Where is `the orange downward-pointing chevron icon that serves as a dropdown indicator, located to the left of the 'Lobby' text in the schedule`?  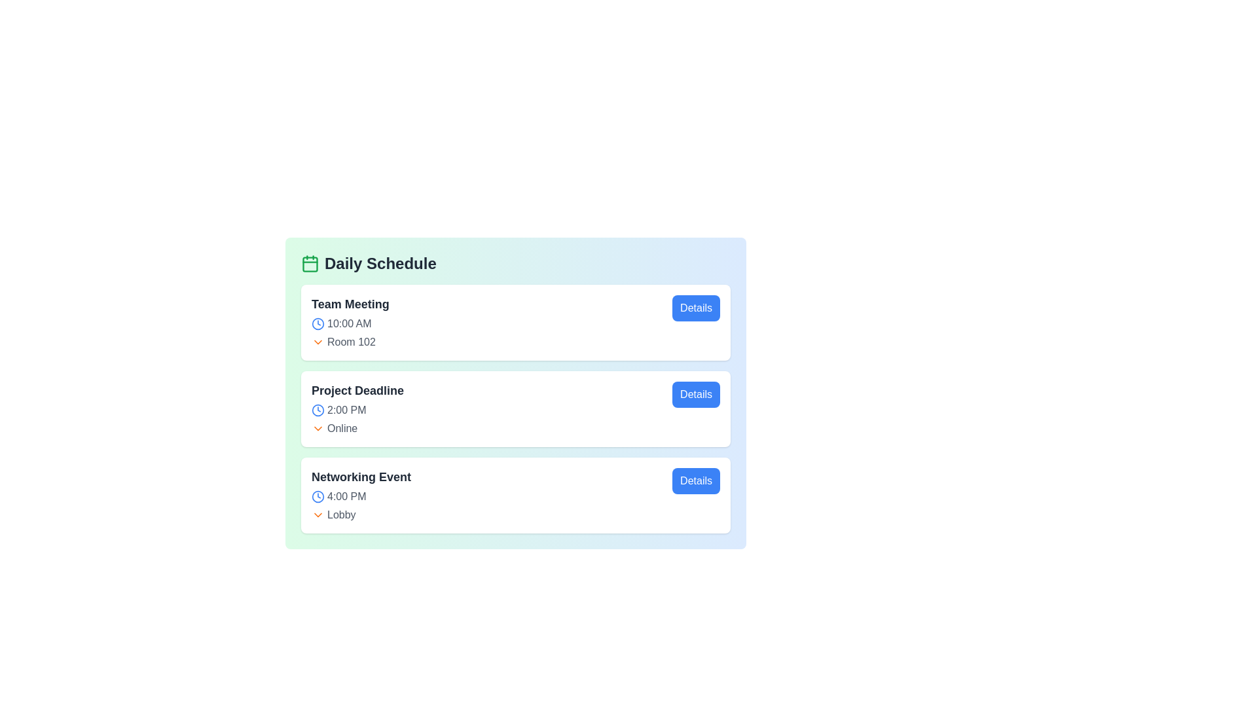
the orange downward-pointing chevron icon that serves as a dropdown indicator, located to the left of the 'Lobby' text in the schedule is located at coordinates (318, 514).